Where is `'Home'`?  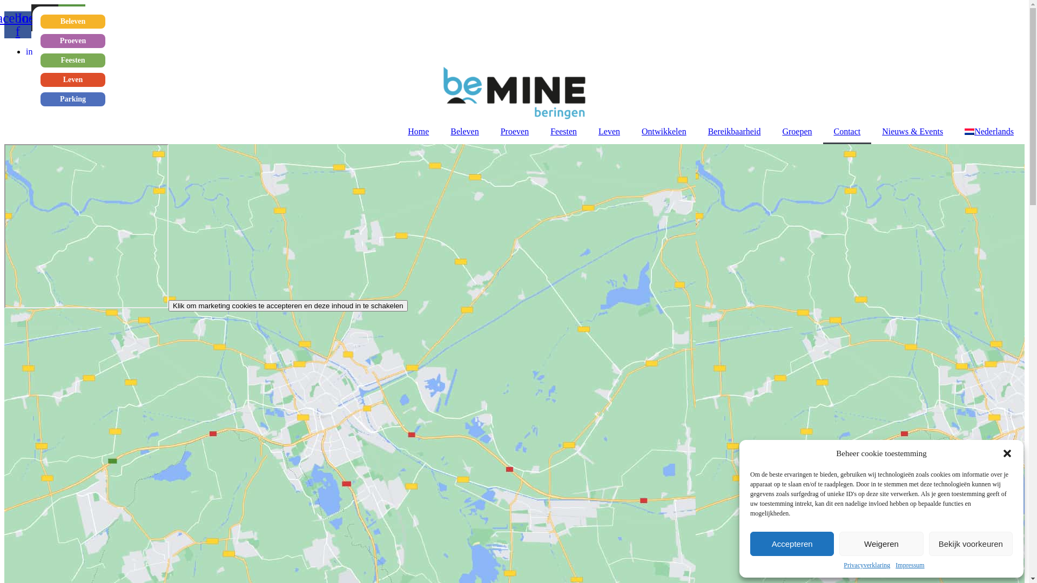 'Home' is located at coordinates (418, 131).